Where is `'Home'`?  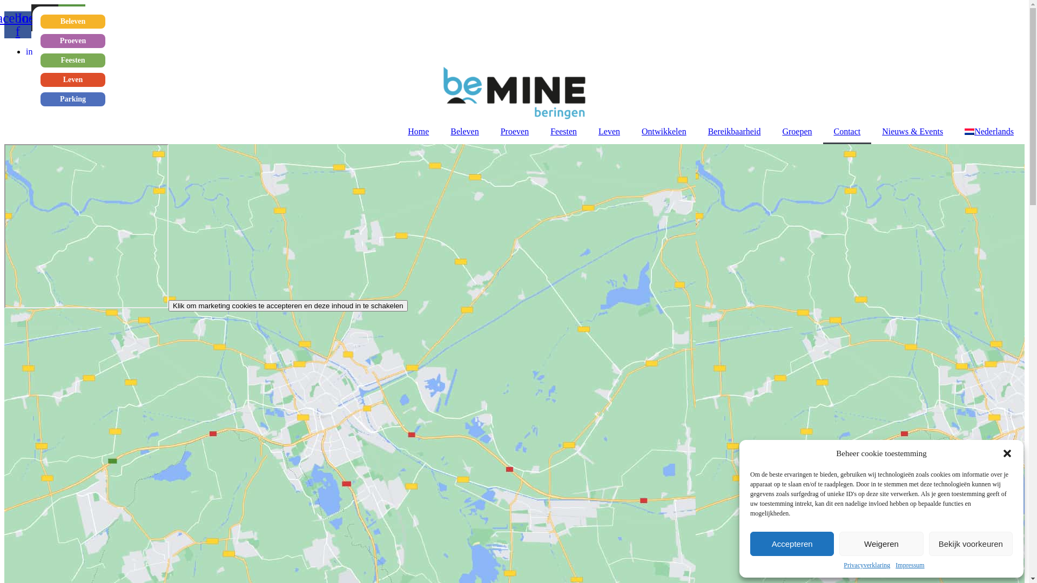 'Home' is located at coordinates (418, 131).